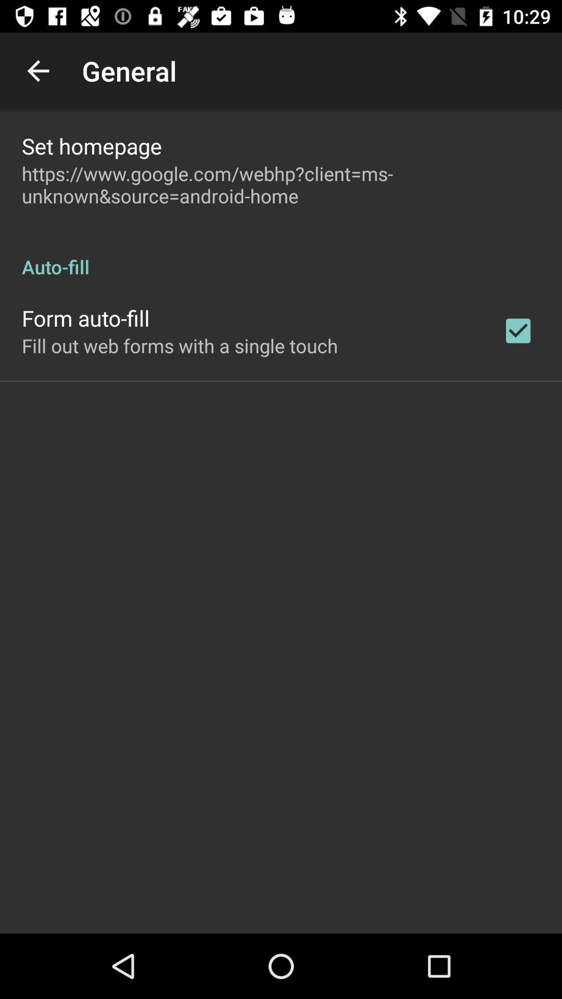 This screenshot has width=562, height=999. What do you see at coordinates (179, 345) in the screenshot?
I see `fill out web on the left` at bounding box center [179, 345].